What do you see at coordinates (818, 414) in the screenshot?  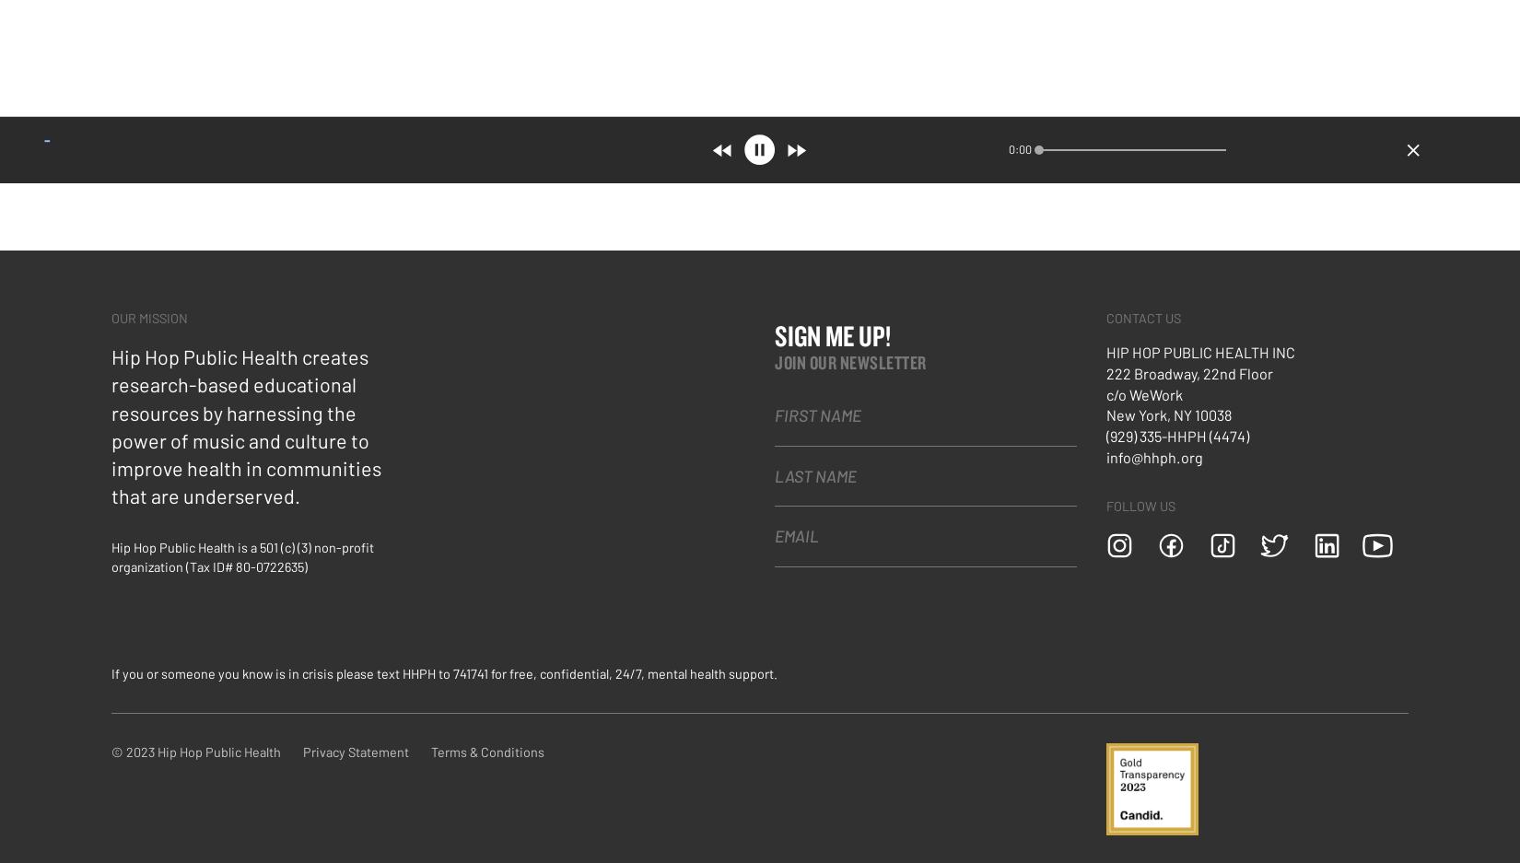 I see `'First Name'` at bounding box center [818, 414].